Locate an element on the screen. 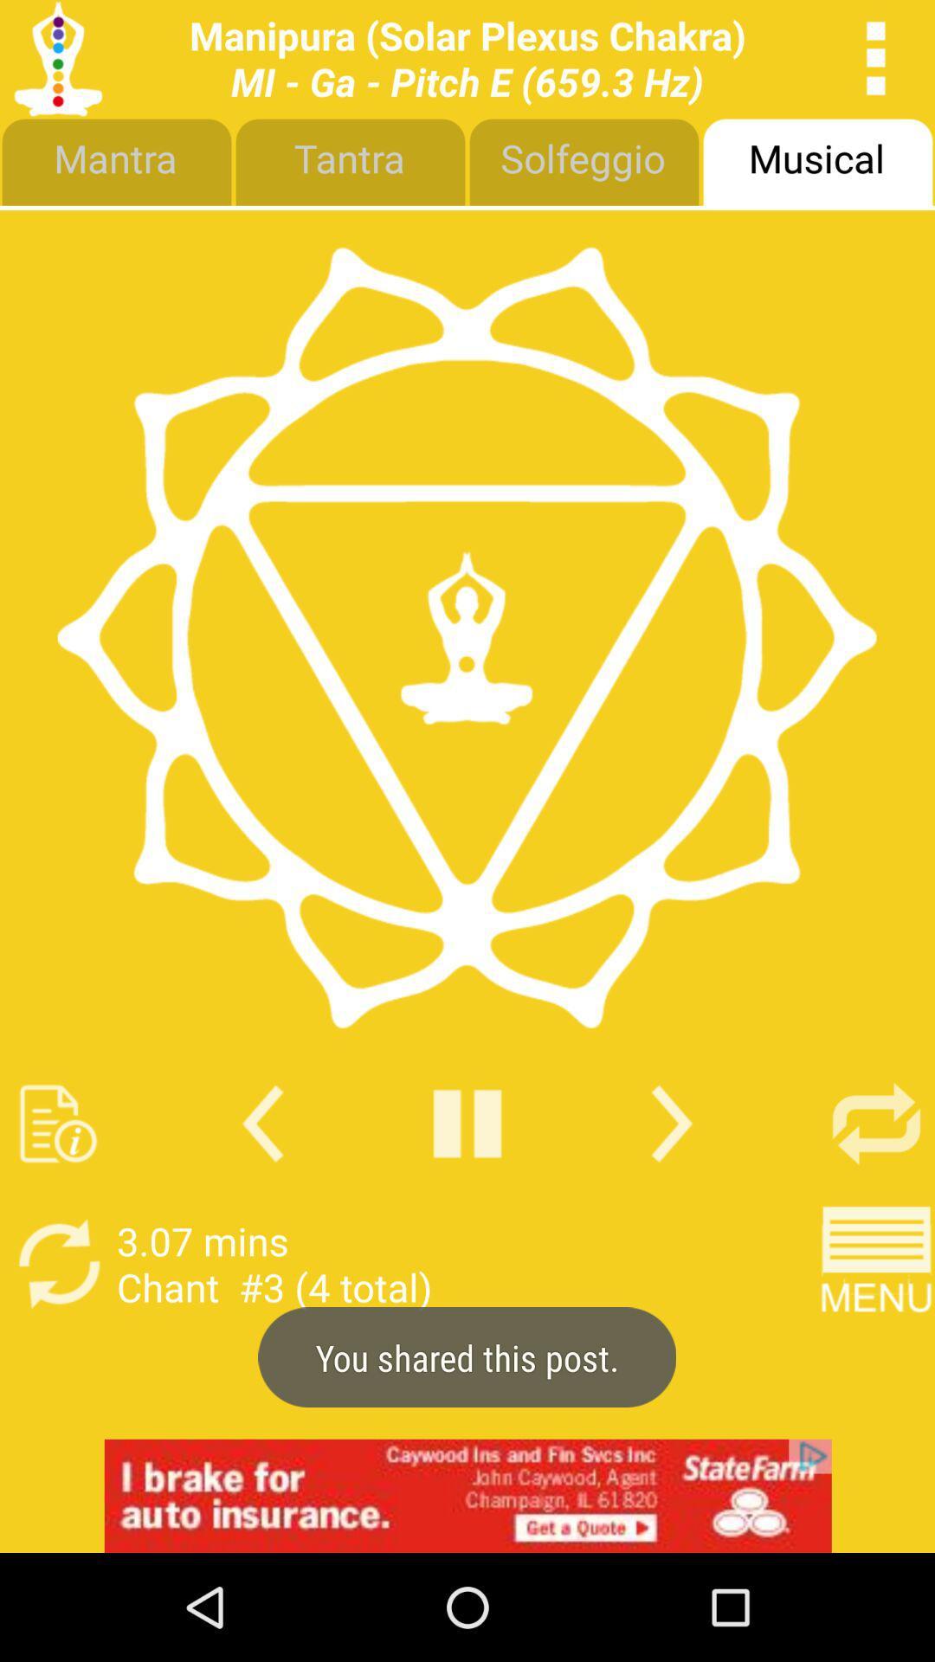 The image size is (935, 1662). pause is located at coordinates (467, 1124).